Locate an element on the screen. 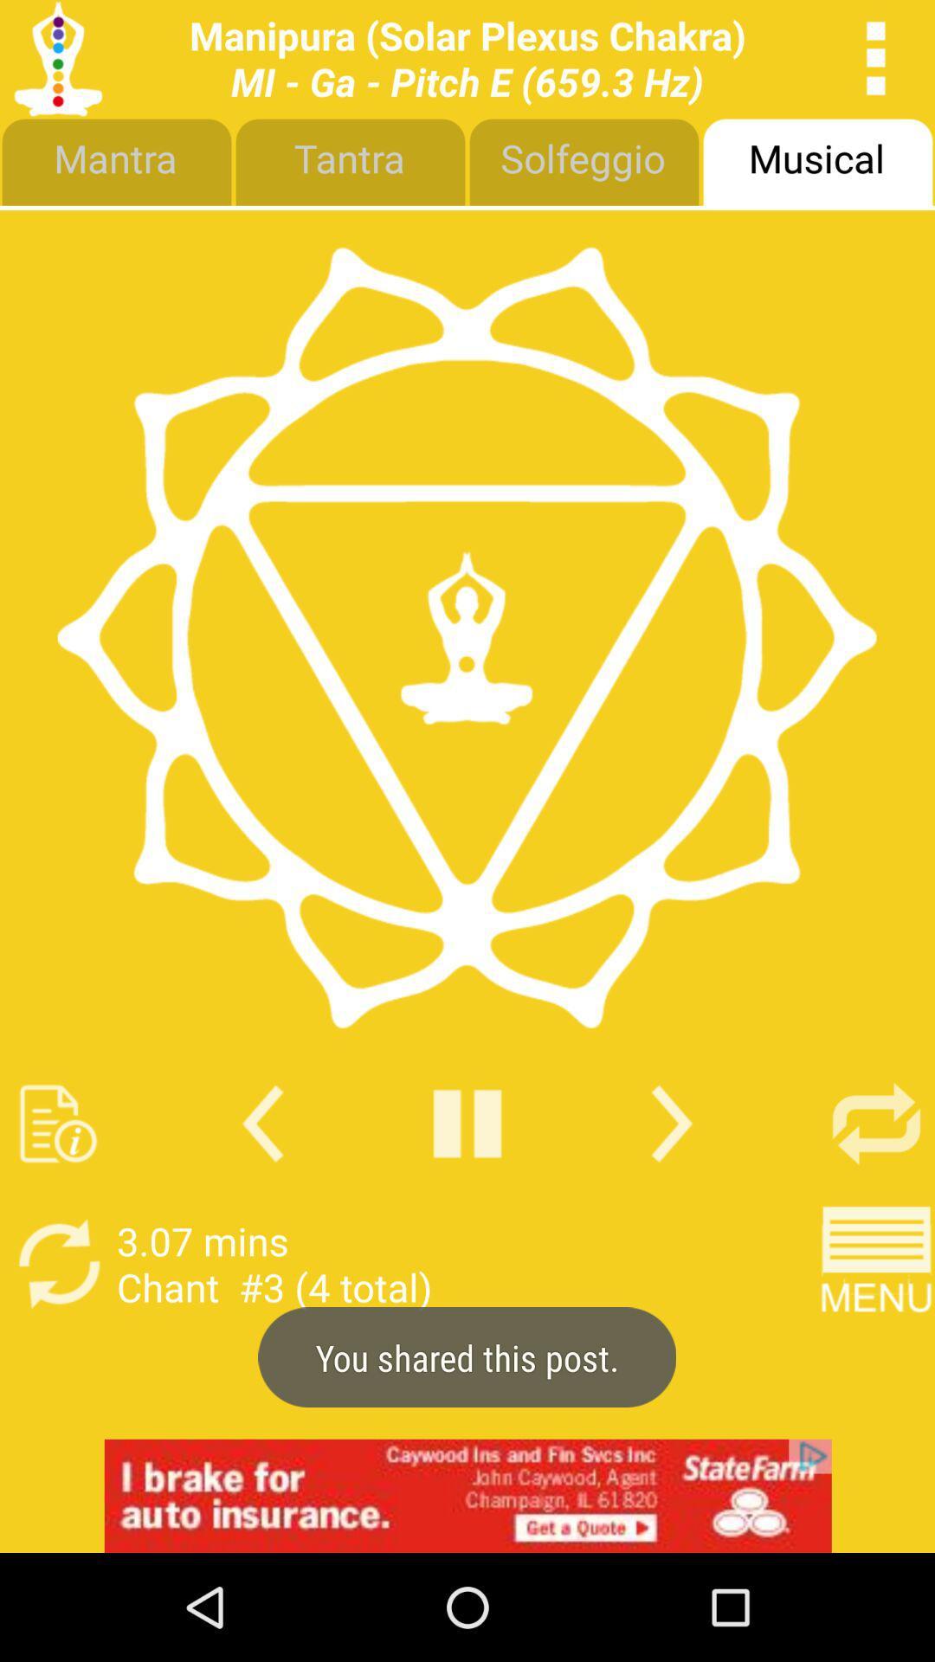 The image size is (935, 1662). pause is located at coordinates (467, 1124).